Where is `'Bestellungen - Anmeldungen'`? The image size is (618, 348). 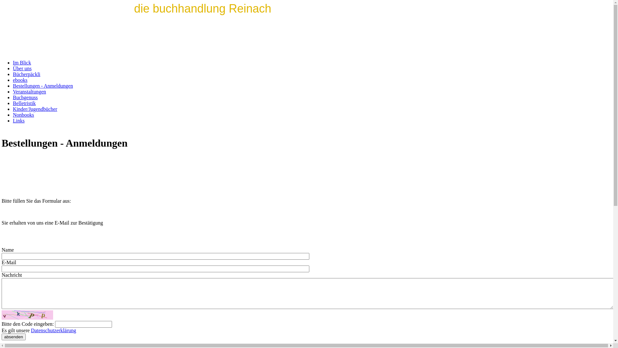 'Bestellungen - Anmeldungen' is located at coordinates (42, 85).